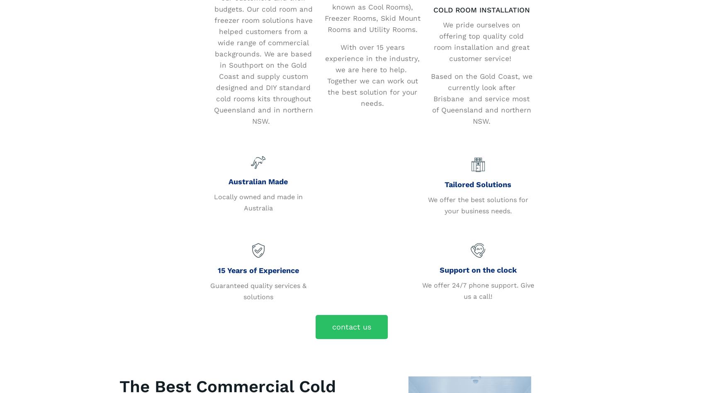 The image size is (703, 393). I want to click on 'Tailored Solutions', so click(477, 184).